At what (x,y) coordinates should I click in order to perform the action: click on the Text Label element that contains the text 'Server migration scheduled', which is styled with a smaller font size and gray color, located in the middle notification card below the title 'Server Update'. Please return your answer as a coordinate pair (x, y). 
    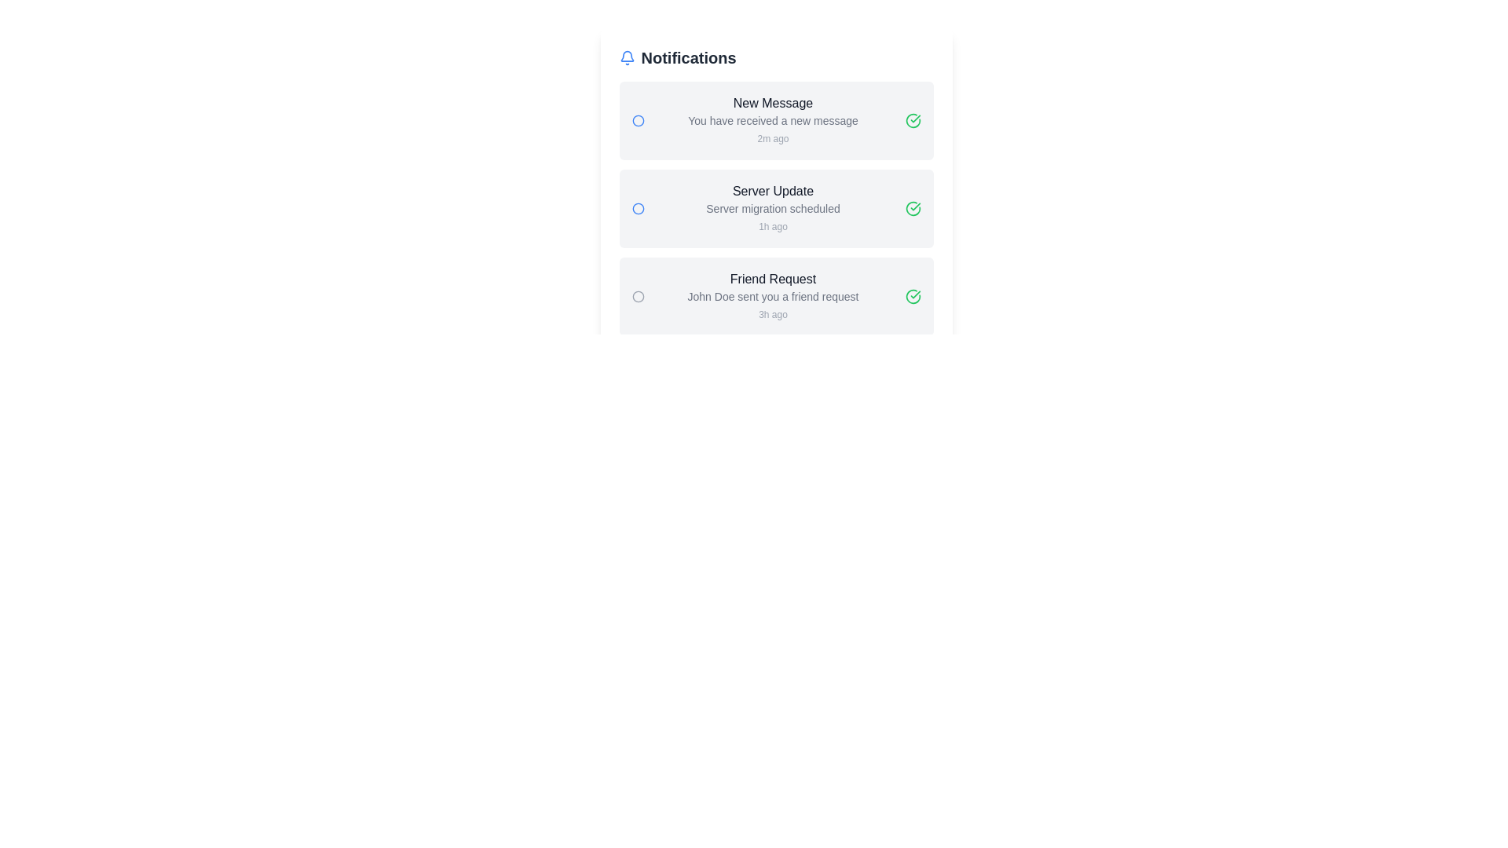
    Looking at the image, I should click on (773, 208).